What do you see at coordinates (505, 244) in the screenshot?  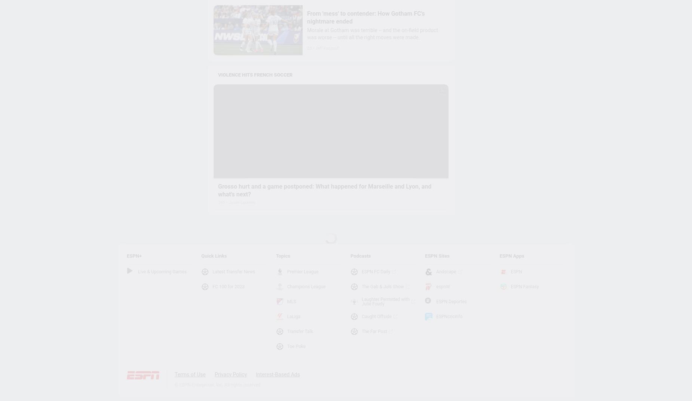 I see `'(Photo by Richard Sellers/Sportsphoto/Allstar via Getty Images)'` at bounding box center [505, 244].